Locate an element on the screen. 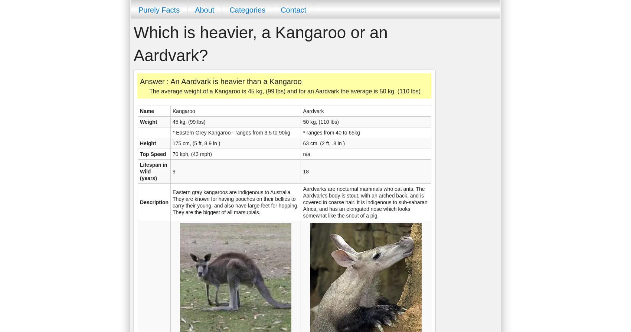  'Eastern gray kangaroos are indigenous to Australia. They are known for having pouches on their bellies to carry their young, and also have large feet for hopping. They are the biggest of all marsupials.' is located at coordinates (235, 202).